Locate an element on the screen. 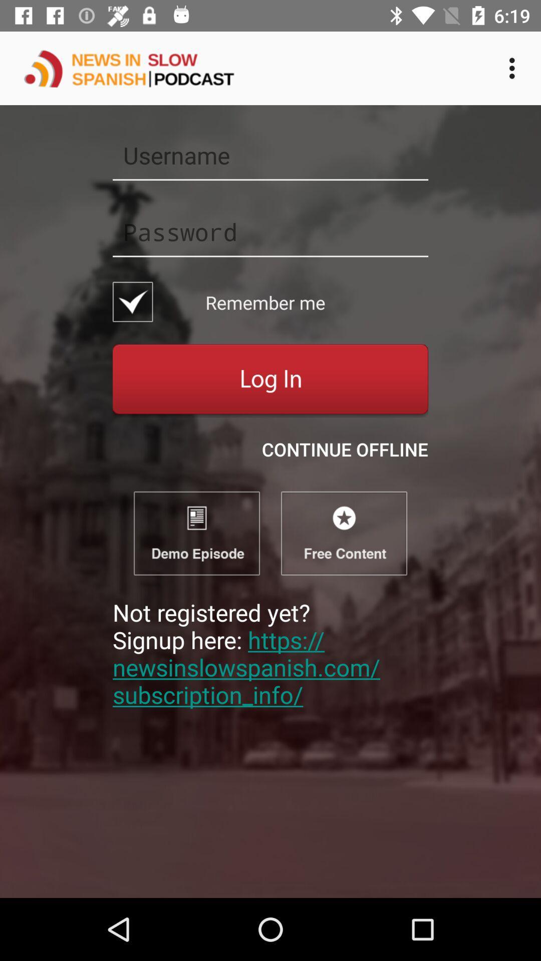 The width and height of the screenshot is (541, 961). log in button is located at coordinates (270, 380).